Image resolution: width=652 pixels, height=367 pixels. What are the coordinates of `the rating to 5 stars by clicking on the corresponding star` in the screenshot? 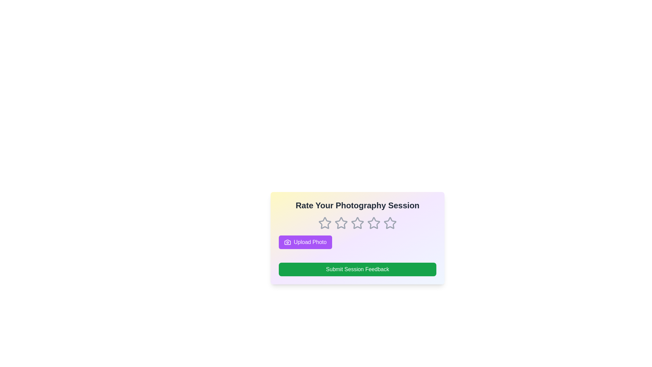 It's located at (390, 223).